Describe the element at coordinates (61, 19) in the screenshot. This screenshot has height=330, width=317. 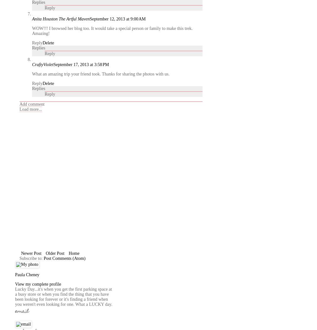
I see `'Anita Houston The Artful Maven'` at that location.